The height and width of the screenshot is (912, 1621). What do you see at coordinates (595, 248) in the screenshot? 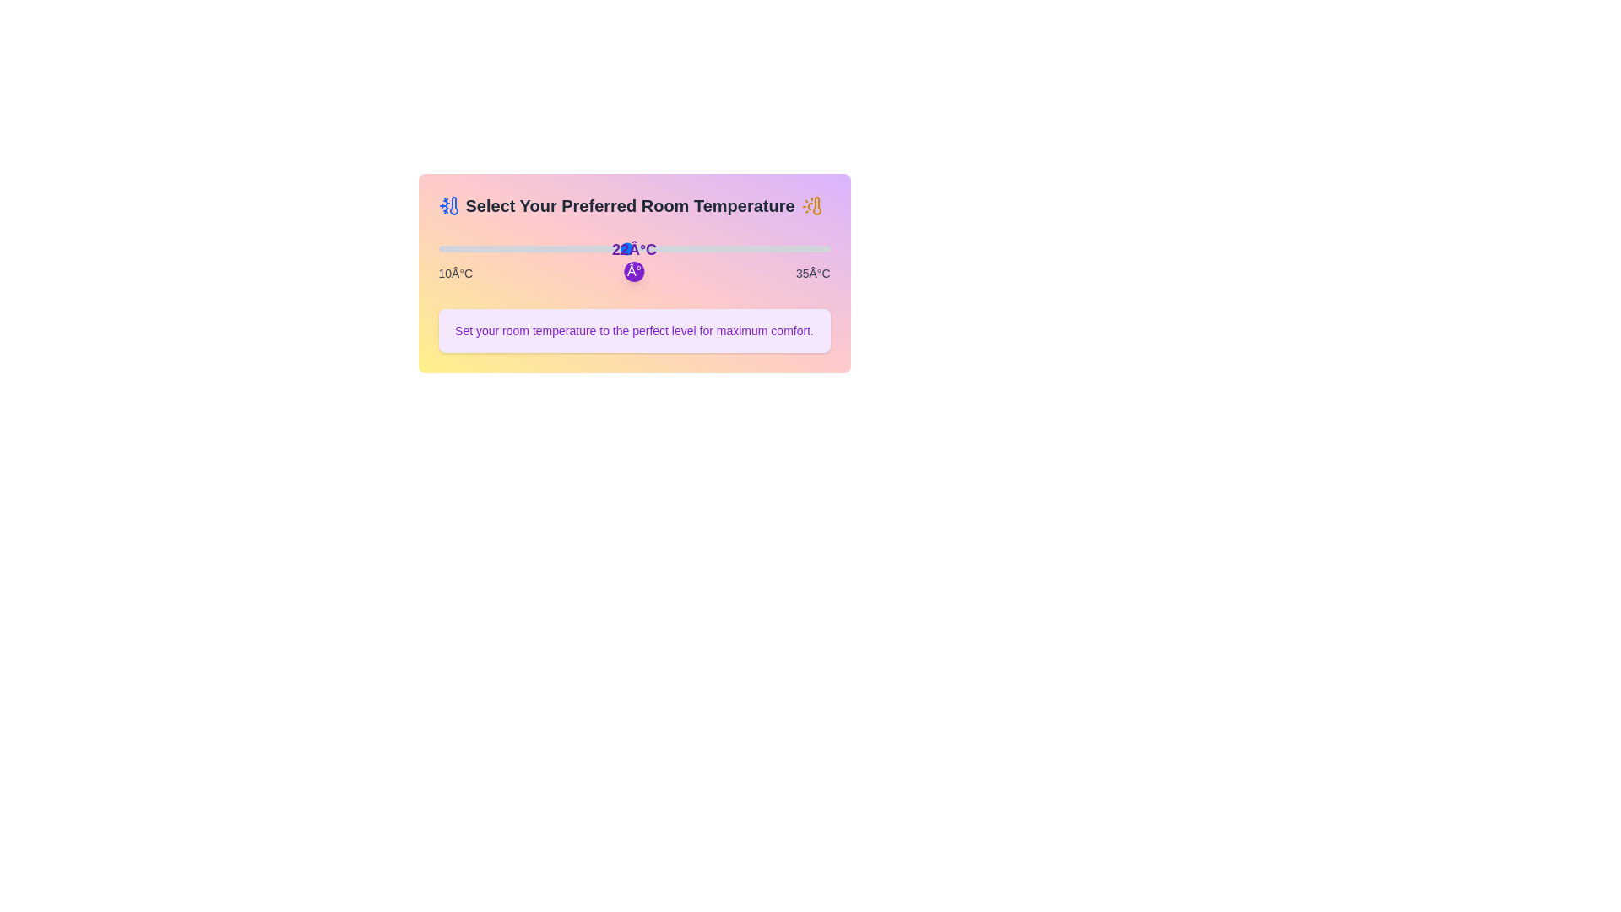
I see `the slider to a specific temperature 20 in degrees Celsius` at bounding box center [595, 248].